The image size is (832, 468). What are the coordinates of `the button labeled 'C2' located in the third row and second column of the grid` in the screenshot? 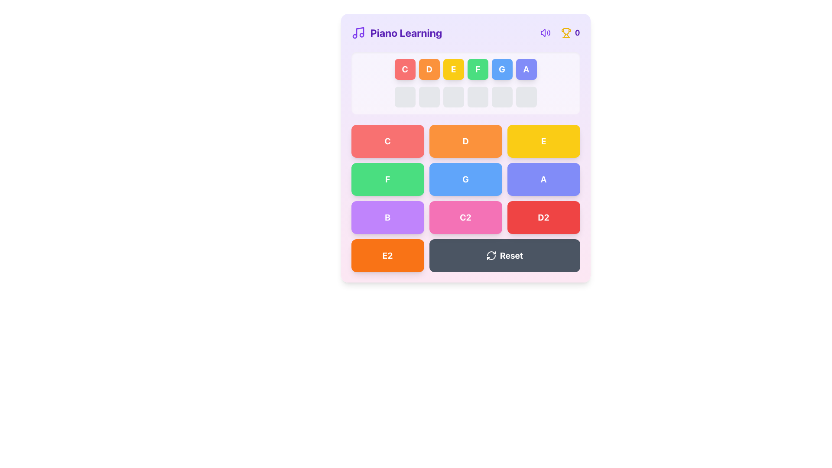 It's located at (465, 217).